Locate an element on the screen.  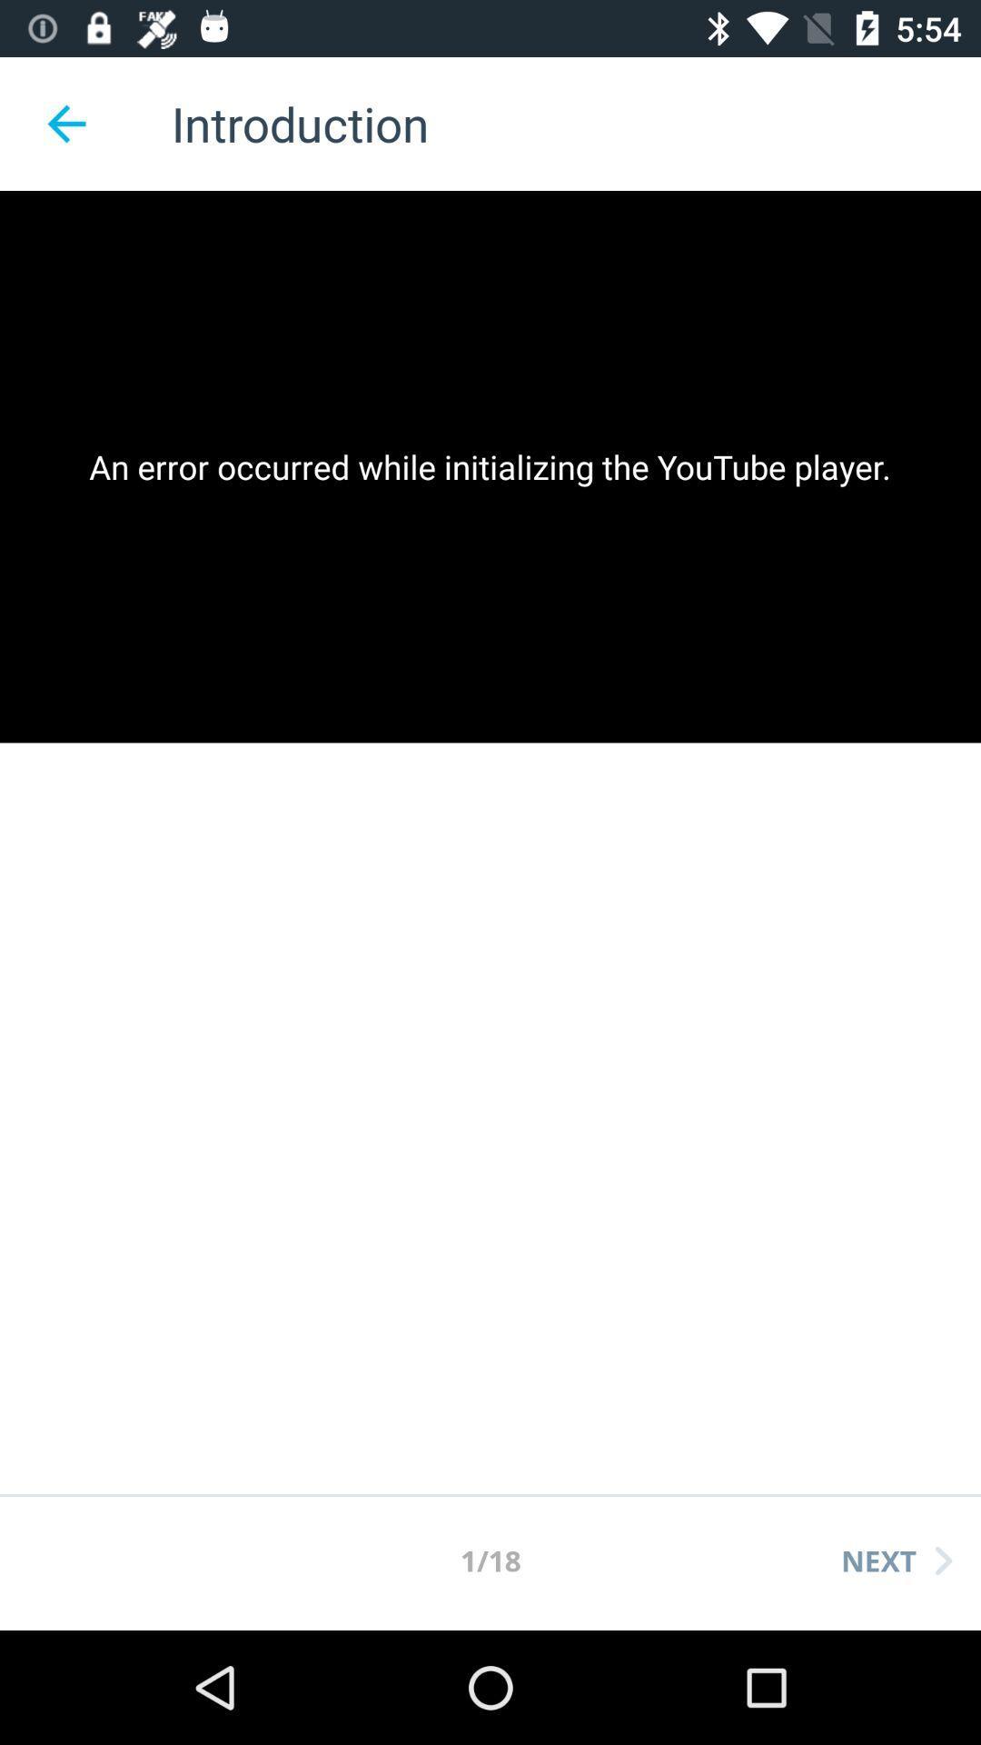
the icon next to introduction icon is located at coordinates (65, 123).